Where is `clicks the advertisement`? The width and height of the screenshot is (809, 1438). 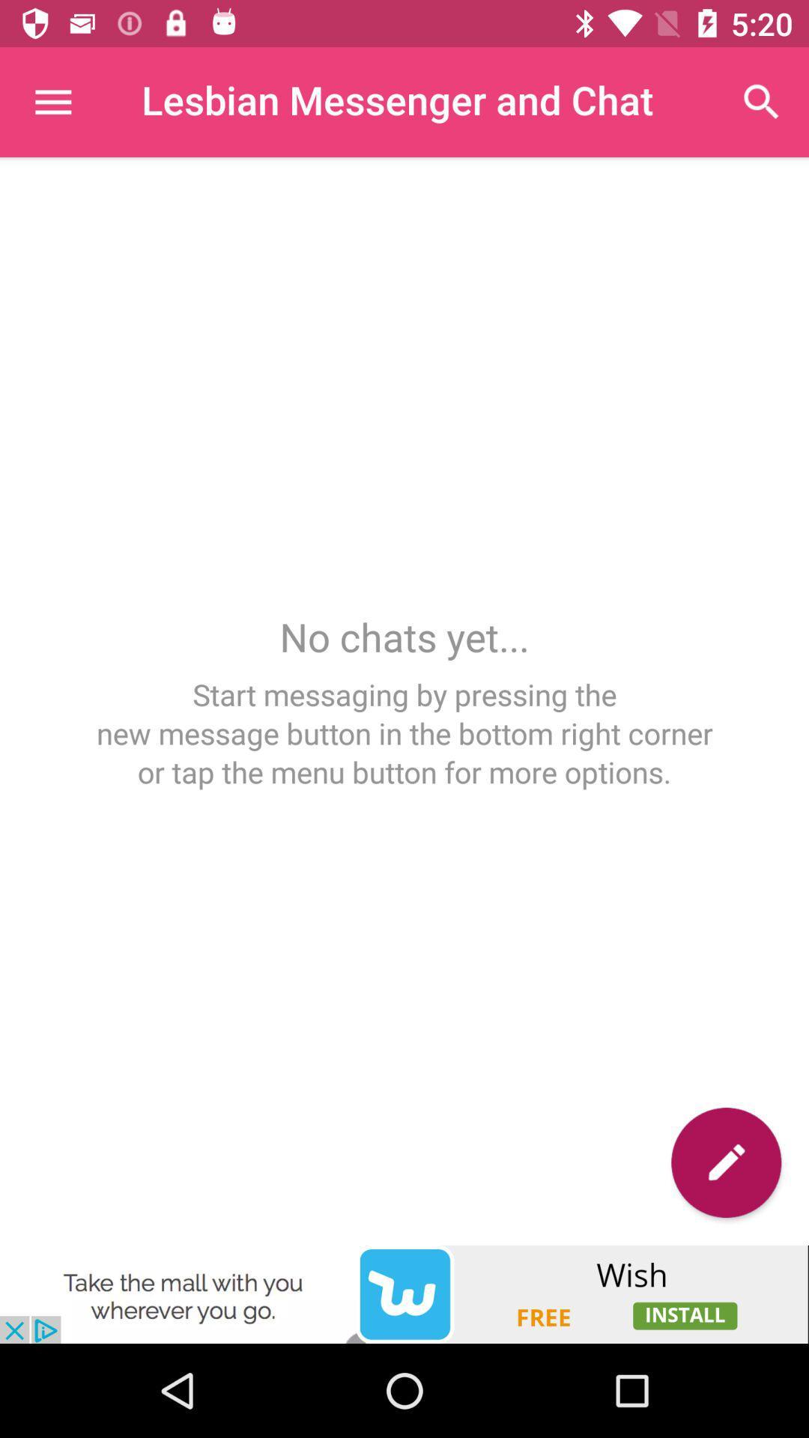 clicks the advertisement is located at coordinates (404, 1293).